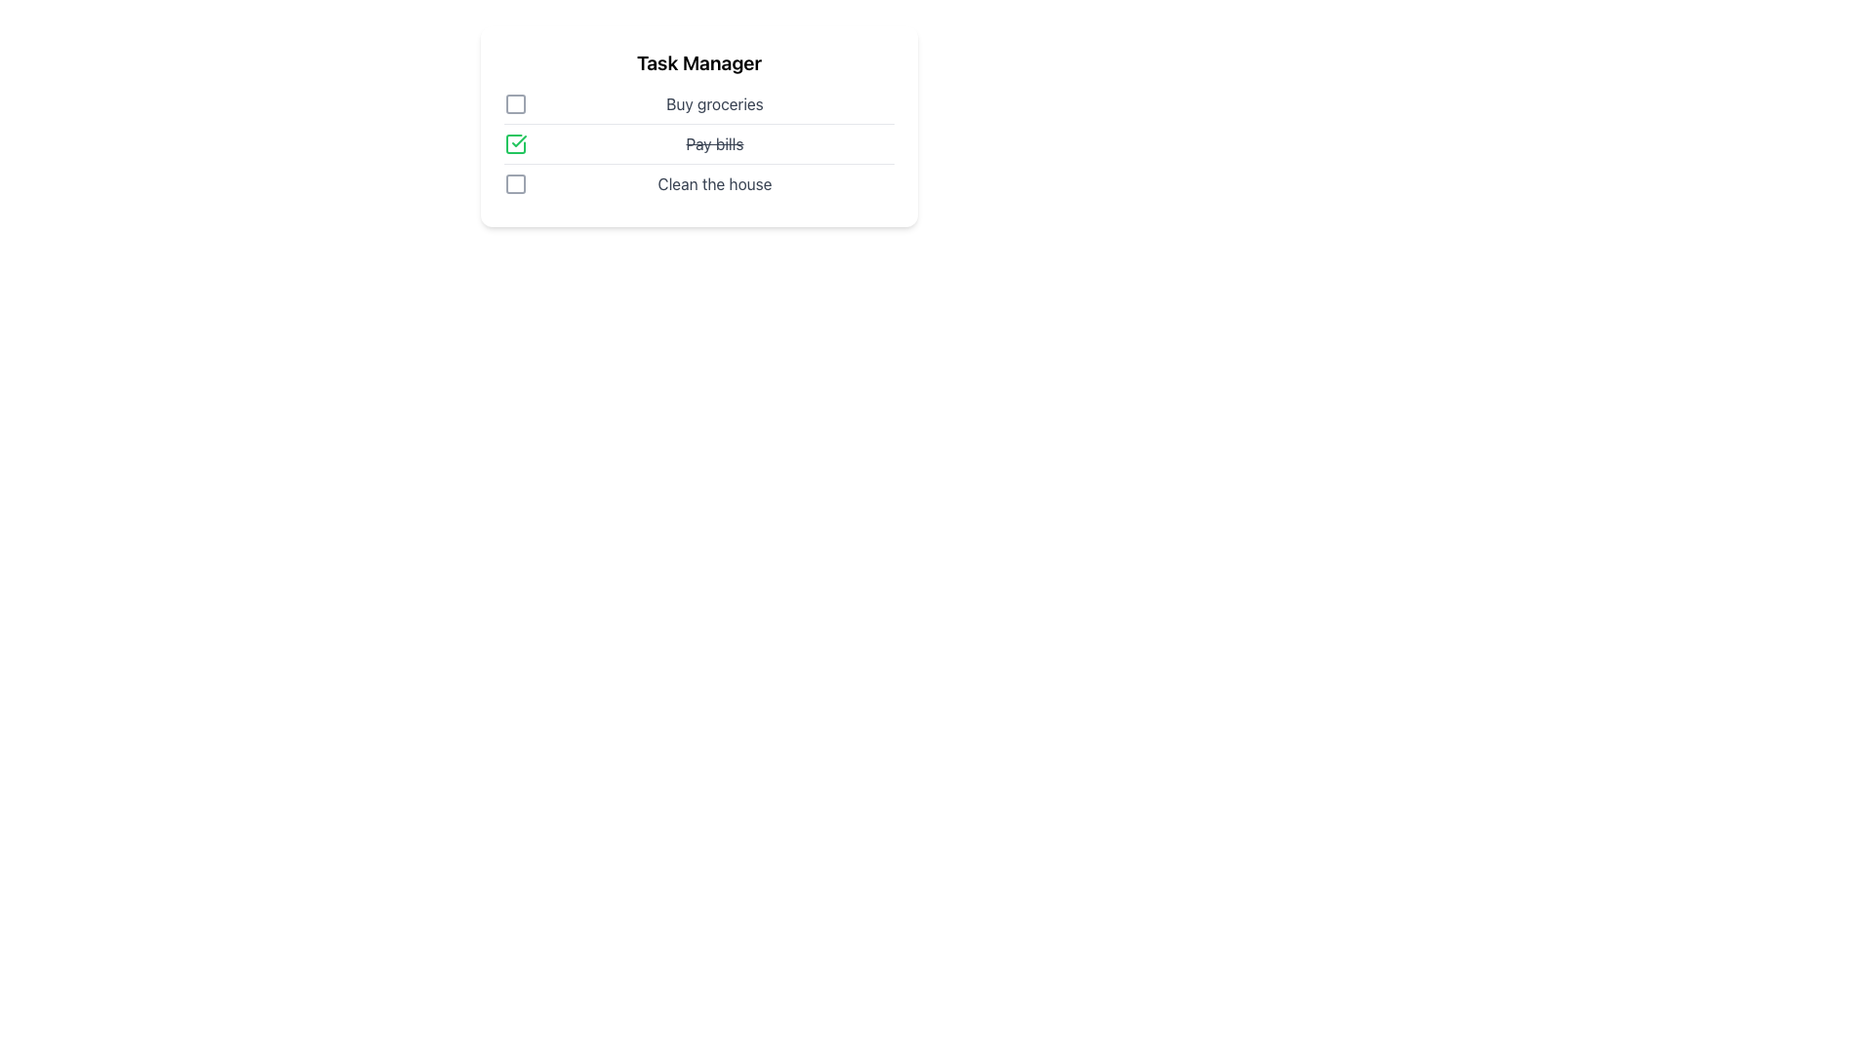  What do you see at coordinates (698, 146) in the screenshot?
I see `the 'Pay bills' task item` at bounding box center [698, 146].